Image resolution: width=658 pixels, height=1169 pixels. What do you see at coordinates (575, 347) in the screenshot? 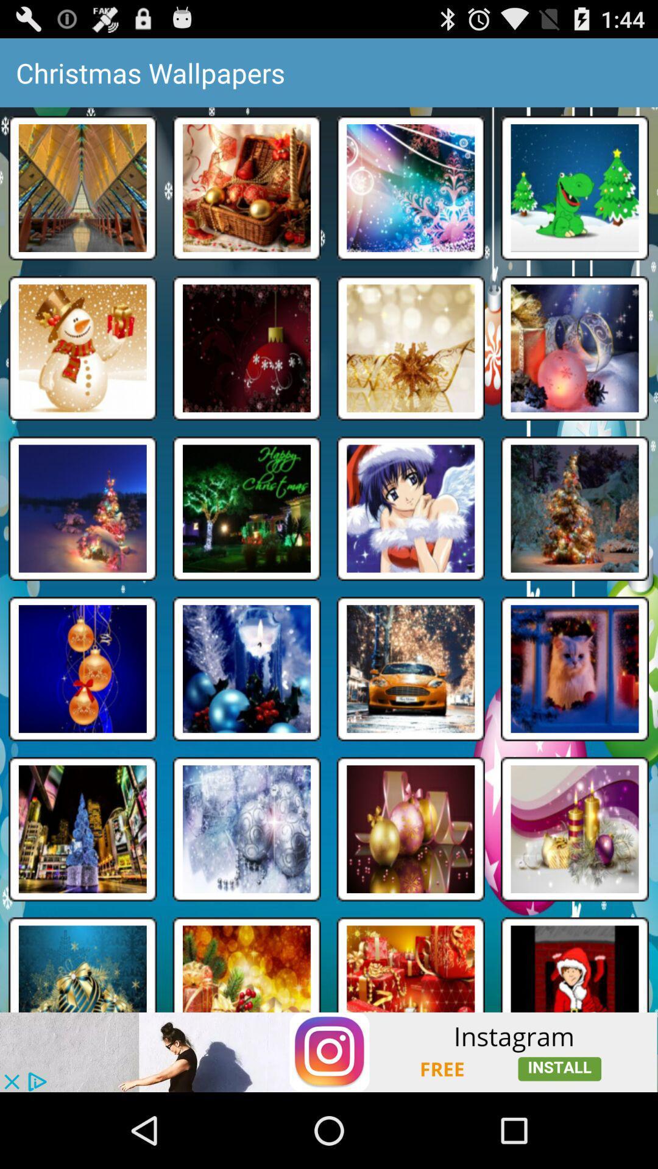
I see `the wallpaper which has pink colored jingle bell in it` at bounding box center [575, 347].